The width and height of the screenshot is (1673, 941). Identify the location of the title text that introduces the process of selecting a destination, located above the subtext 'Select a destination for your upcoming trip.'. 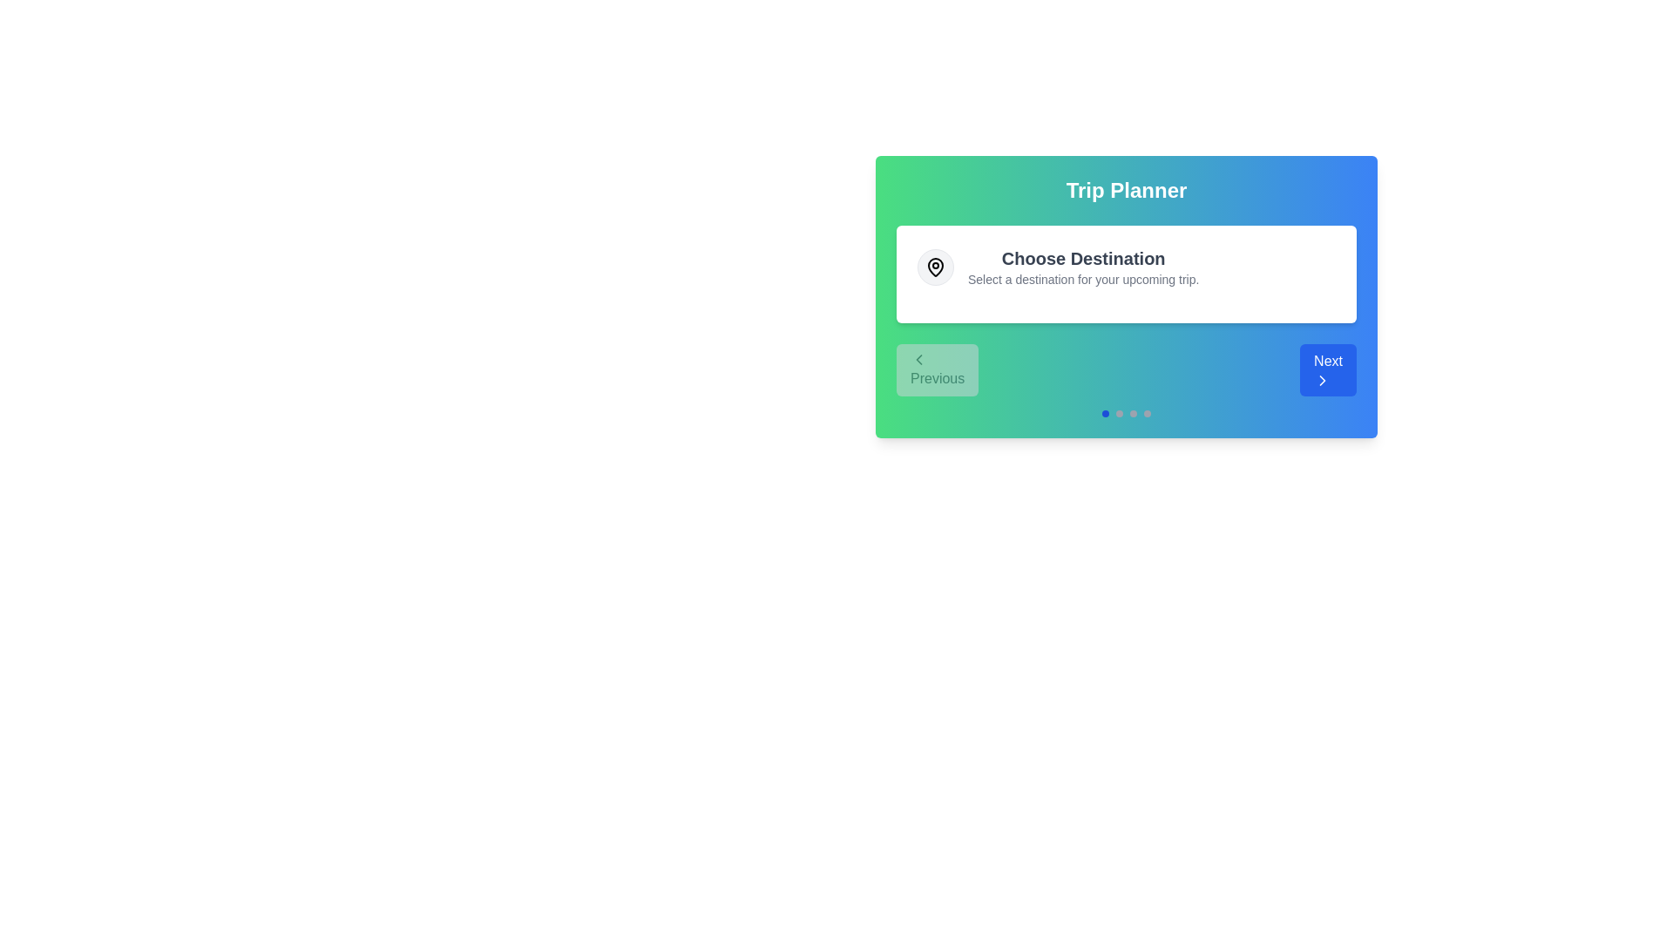
(1082, 259).